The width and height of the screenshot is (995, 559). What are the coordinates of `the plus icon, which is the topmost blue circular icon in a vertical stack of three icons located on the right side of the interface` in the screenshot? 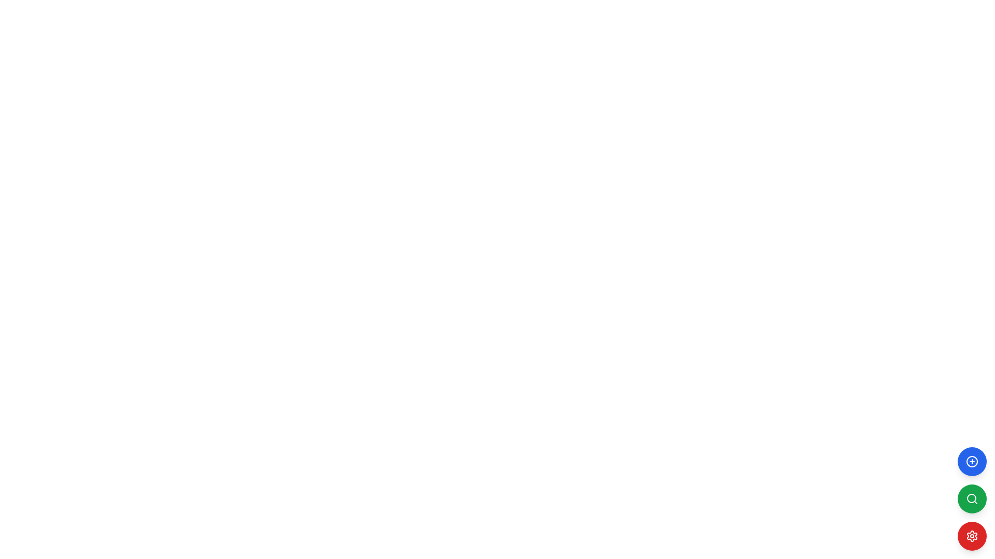 It's located at (972, 461).